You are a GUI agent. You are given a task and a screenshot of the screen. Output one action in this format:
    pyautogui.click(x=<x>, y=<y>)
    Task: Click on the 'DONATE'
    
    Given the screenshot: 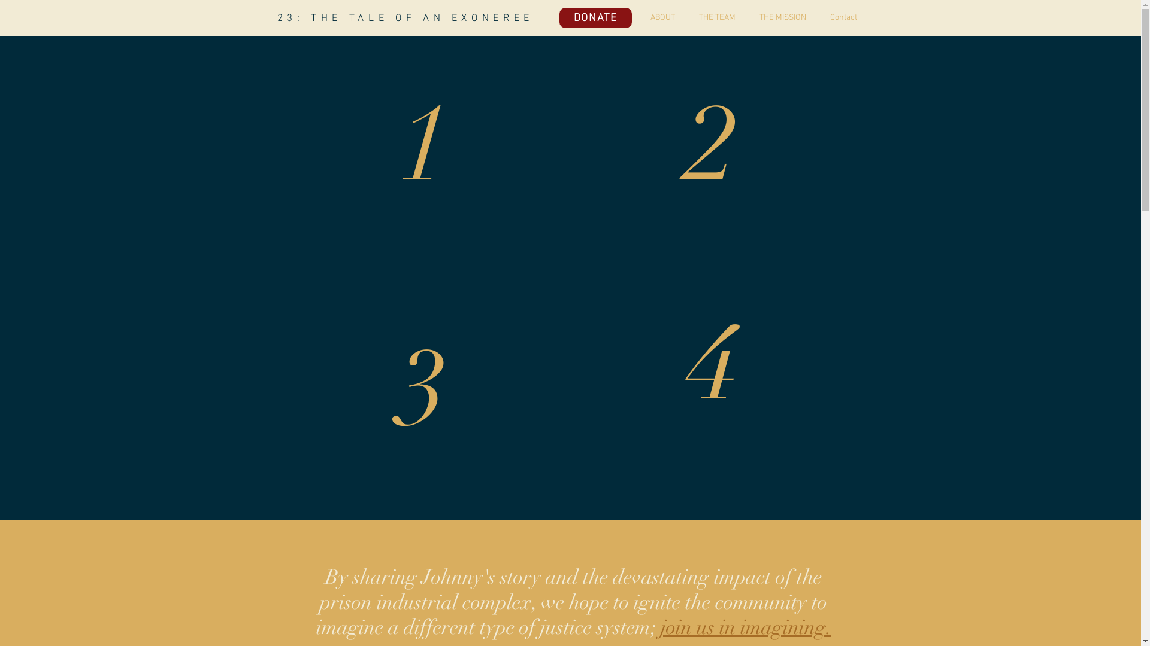 What is the action you would take?
    pyautogui.click(x=595, y=18)
    